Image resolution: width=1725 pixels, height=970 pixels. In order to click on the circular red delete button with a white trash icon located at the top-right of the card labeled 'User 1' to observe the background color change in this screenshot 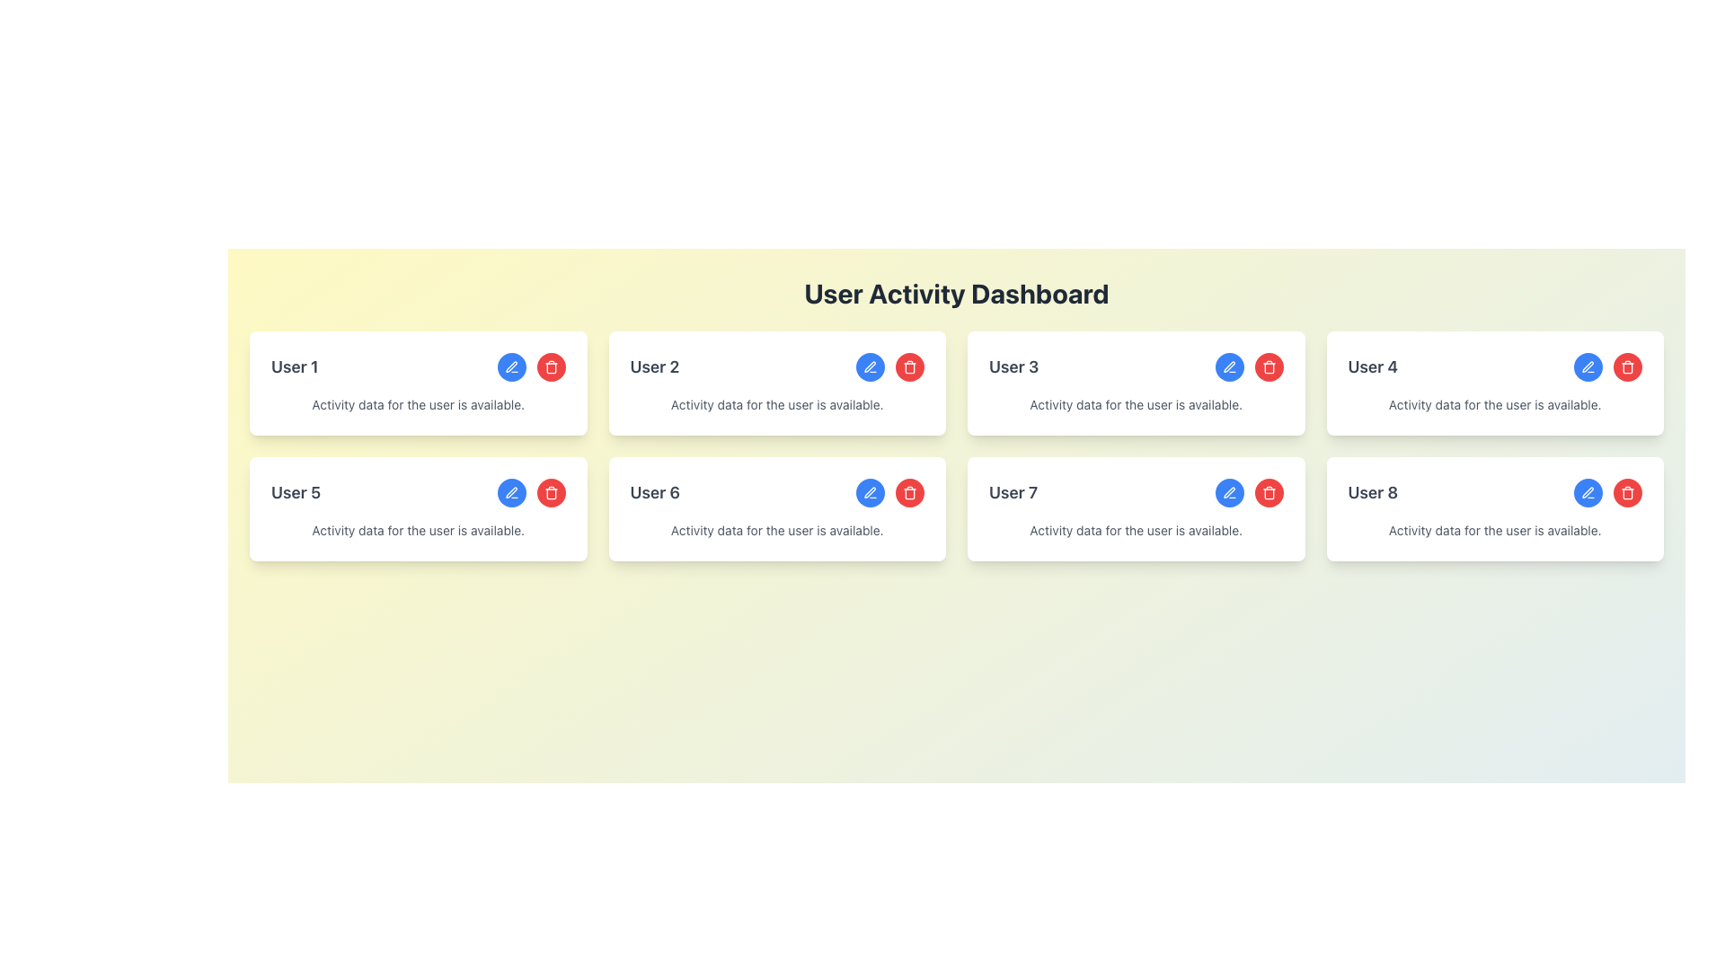, I will do `click(550, 366)`.